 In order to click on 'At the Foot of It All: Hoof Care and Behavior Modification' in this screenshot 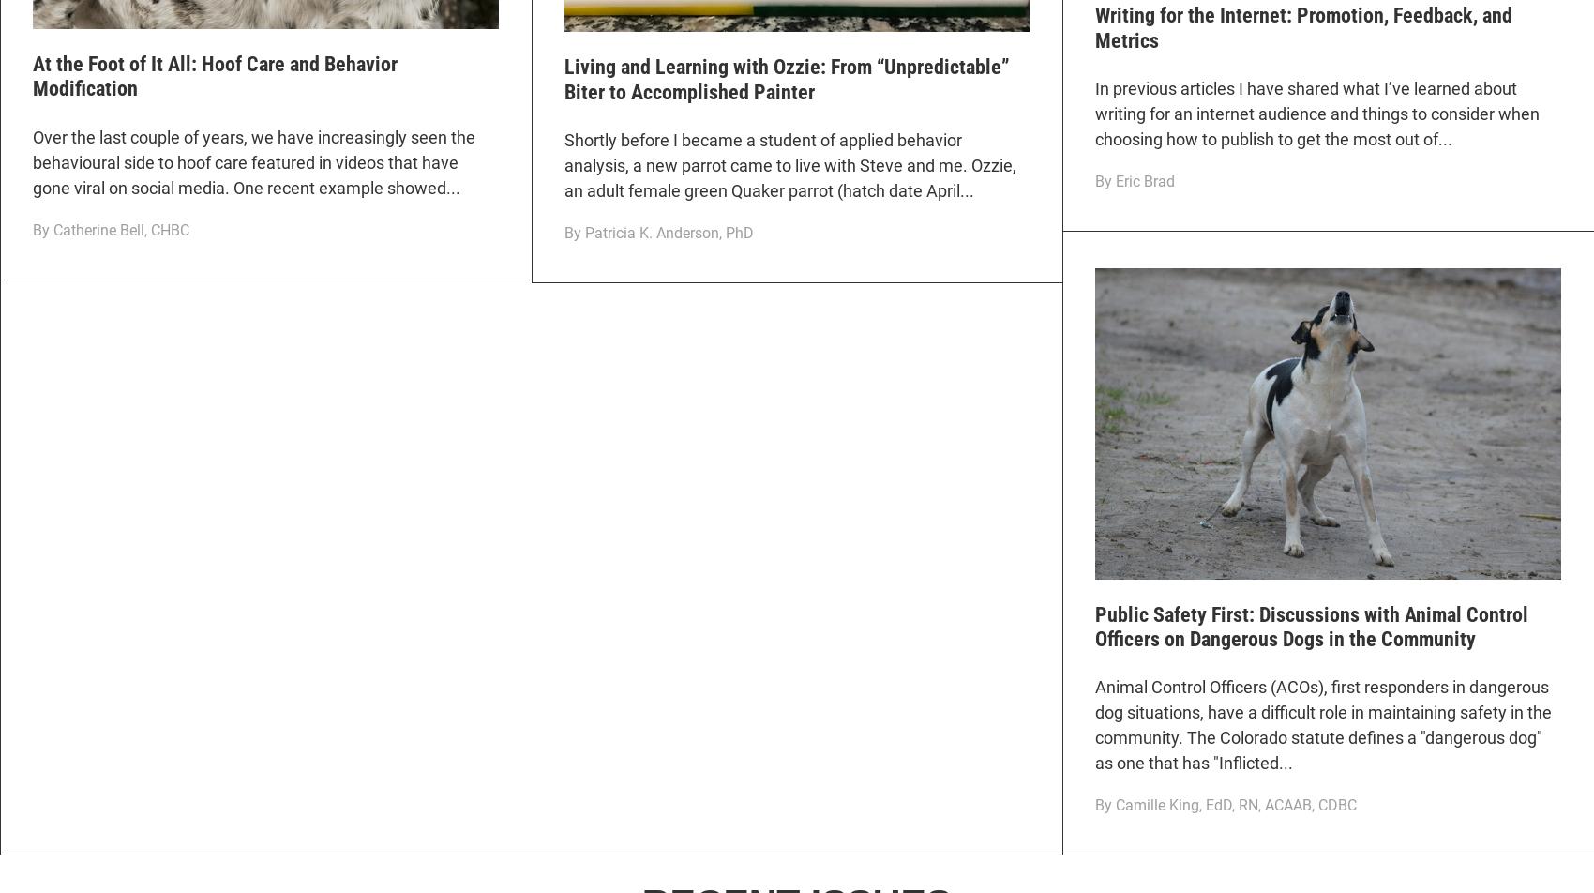, I will do `click(215, 76)`.